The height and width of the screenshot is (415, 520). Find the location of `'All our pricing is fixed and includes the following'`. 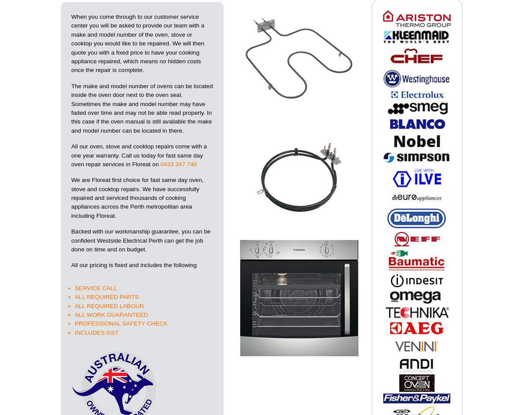

'All our pricing is fixed and includes the following' is located at coordinates (71, 264).